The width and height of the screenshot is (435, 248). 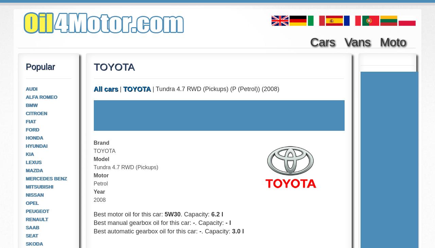 What do you see at coordinates (146, 231) in the screenshot?
I see `'Best automatic gearbox oil for this car:'` at bounding box center [146, 231].